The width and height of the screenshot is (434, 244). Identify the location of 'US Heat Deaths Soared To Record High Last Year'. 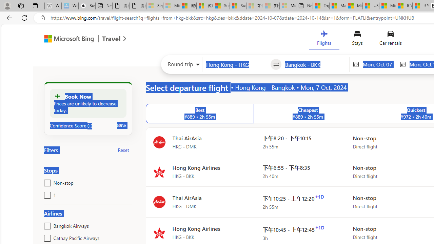
(370, 6).